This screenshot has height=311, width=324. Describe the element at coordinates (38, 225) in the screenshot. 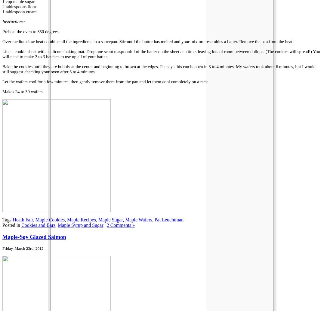

I see `'Cookies and Bars'` at that location.